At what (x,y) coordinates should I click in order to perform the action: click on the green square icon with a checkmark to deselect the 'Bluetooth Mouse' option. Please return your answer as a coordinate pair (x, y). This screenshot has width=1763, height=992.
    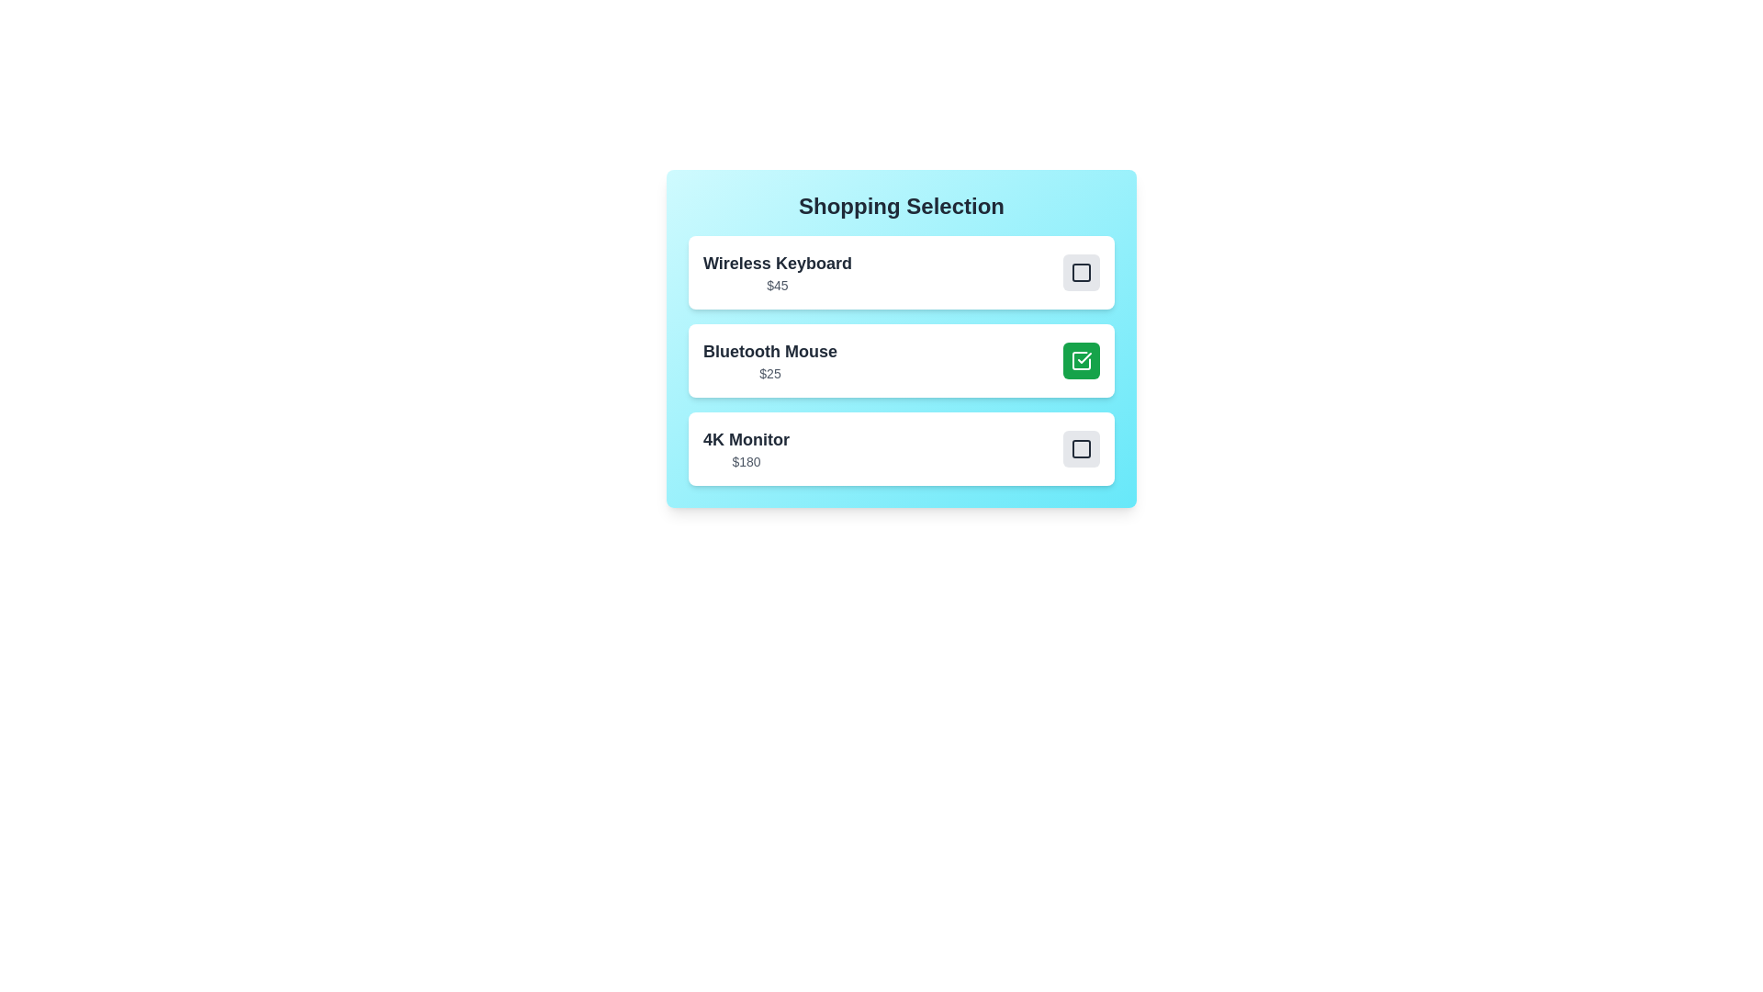
    Looking at the image, I should click on (1081, 361).